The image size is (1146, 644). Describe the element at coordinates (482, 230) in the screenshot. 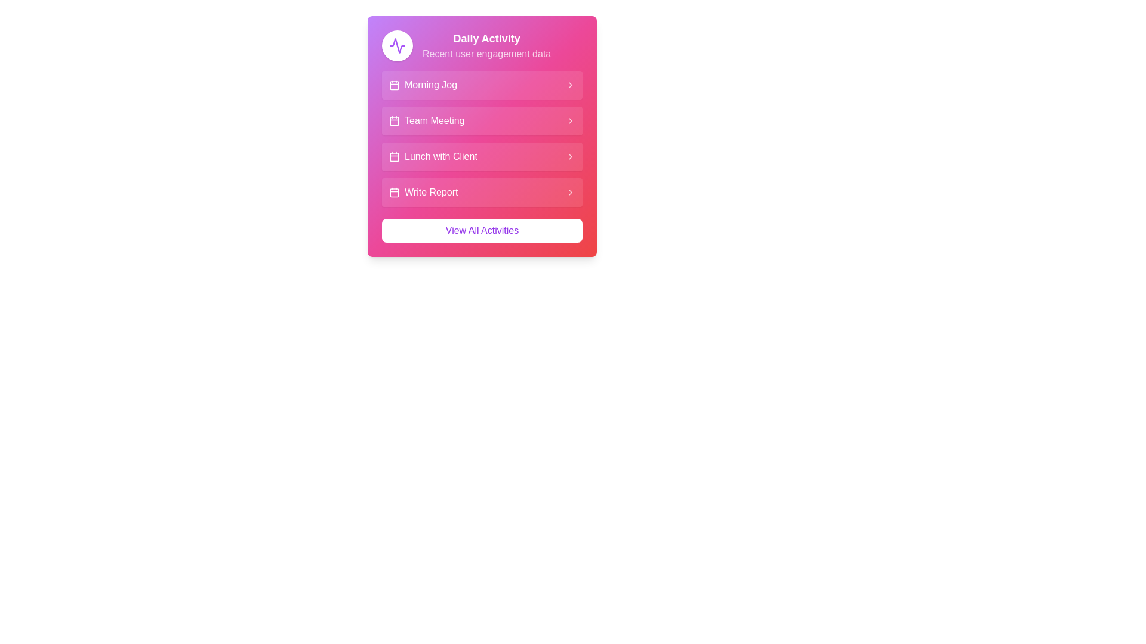

I see `the 'View All Activities' button` at that location.